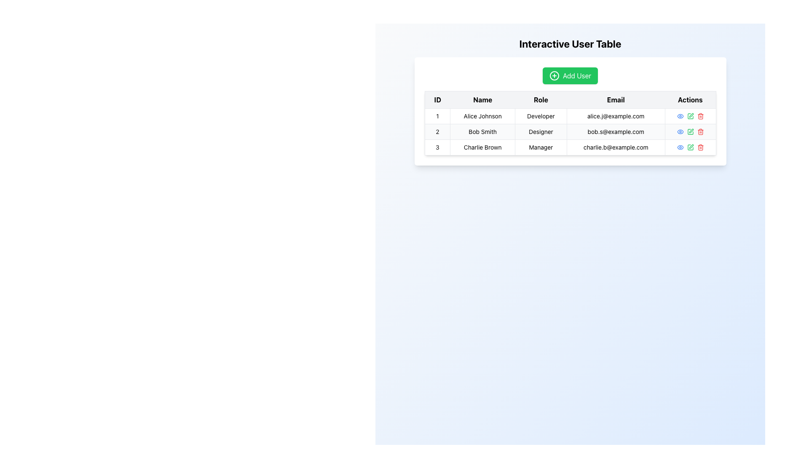 The image size is (809, 455). What do you see at coordinates (482, 131) in the screenshot?
I see `the Text Label displaying the name 'Bob Smith', which is located in the second column of the second row of a user information table, positioned between 'Alice Johnson' and 'Charlie Brown'` at bounding box center [482, 131].